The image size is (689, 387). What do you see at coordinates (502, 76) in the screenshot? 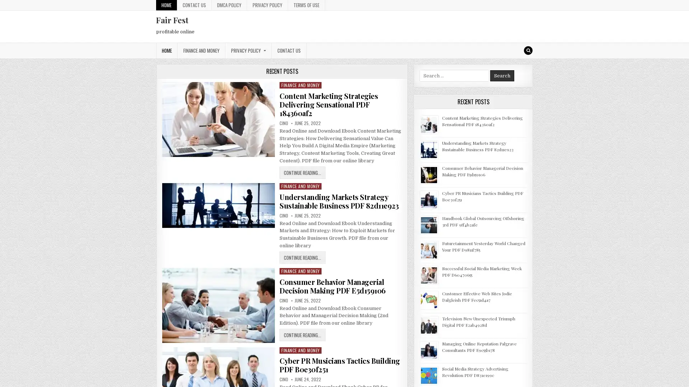
I see `Search` at bounding box center [502, 76].